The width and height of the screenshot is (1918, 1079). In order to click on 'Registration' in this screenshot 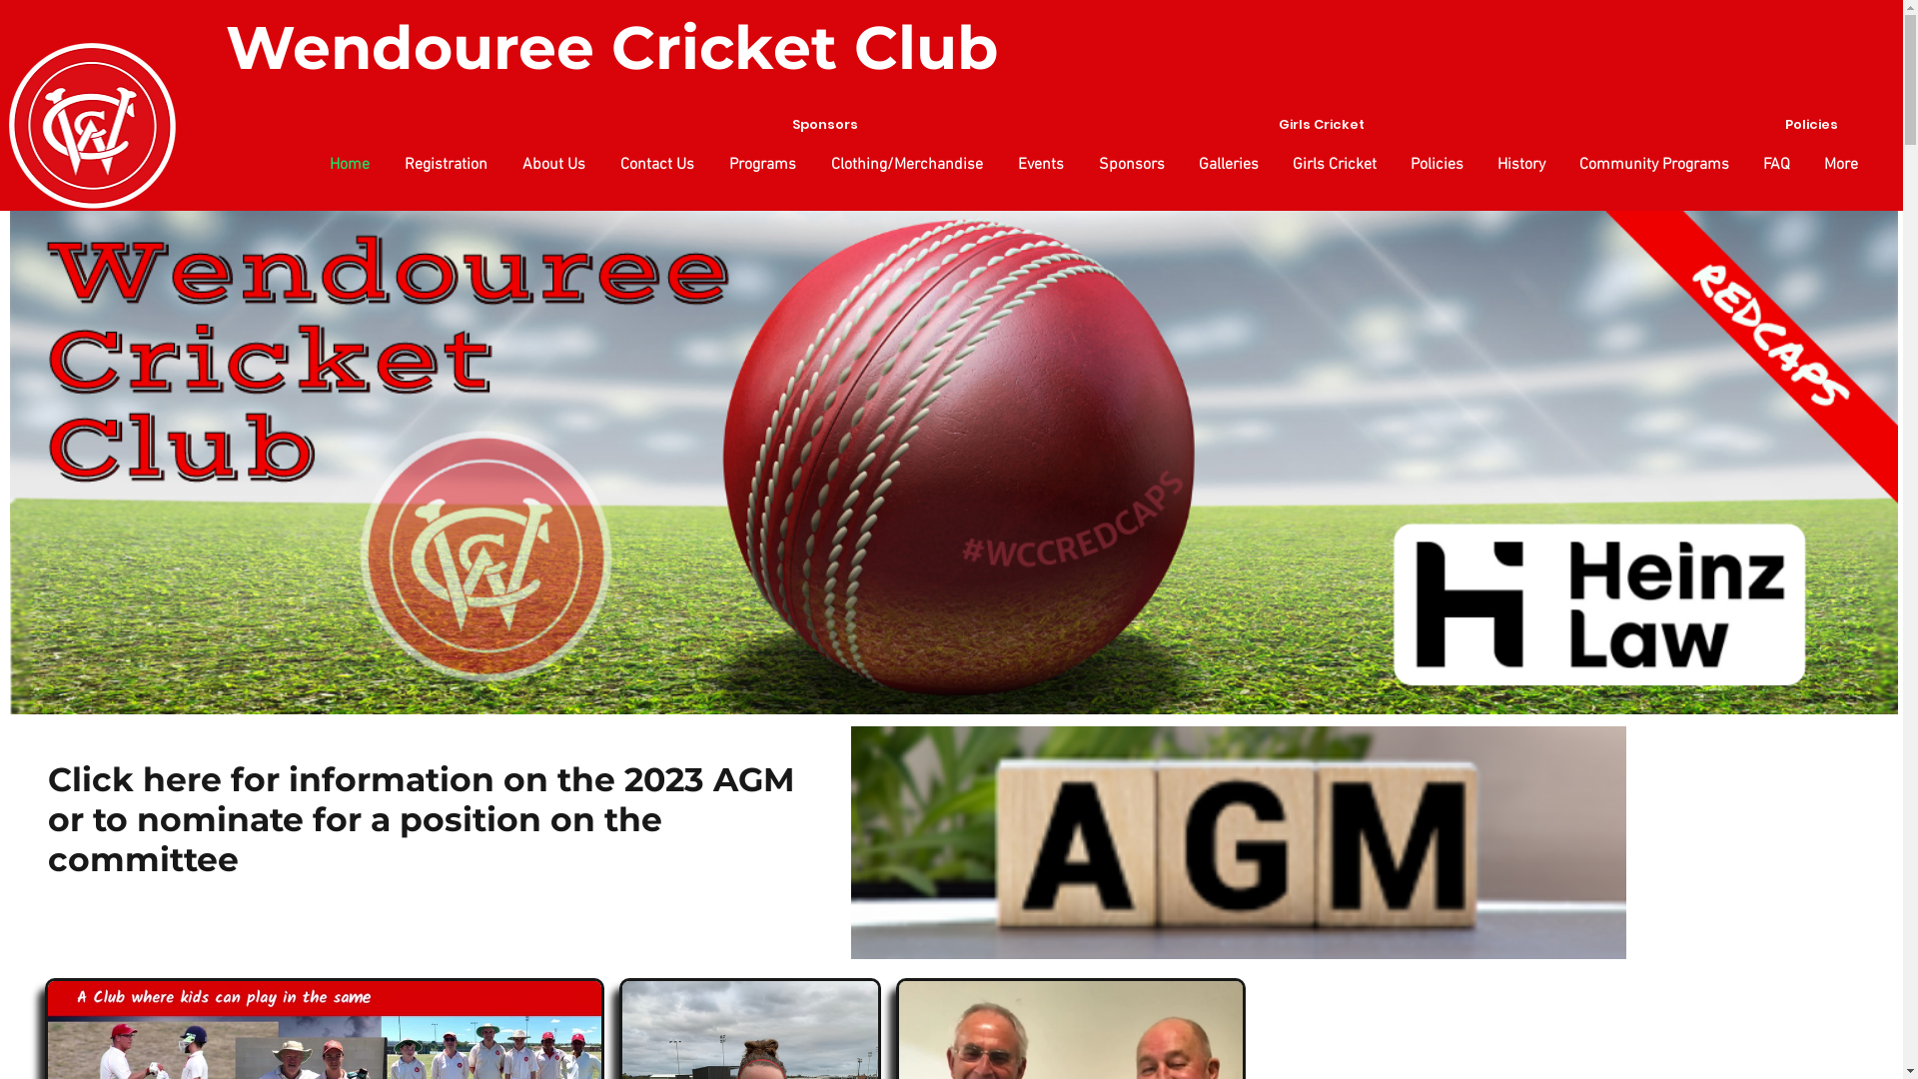, I will do `click(443, 164)`.